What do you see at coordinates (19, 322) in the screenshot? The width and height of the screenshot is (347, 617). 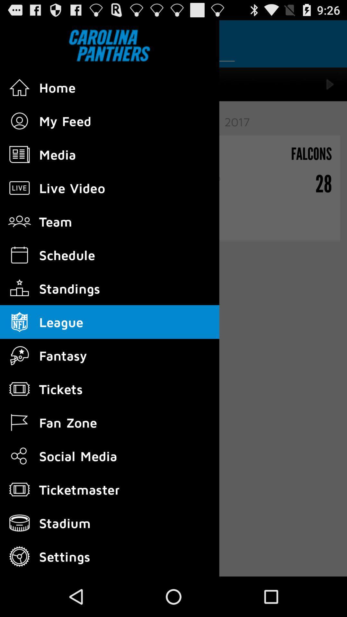 I see `tap on the icon which is just beside the league` at bounding box center [19, 322].